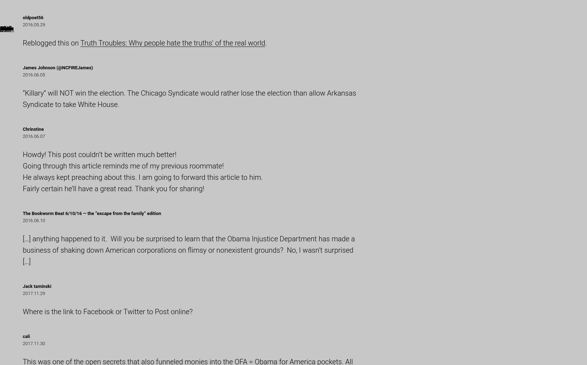 This screenshot has height=365, width=587. I want to click on 'Jack taminski', so click(37, 286).